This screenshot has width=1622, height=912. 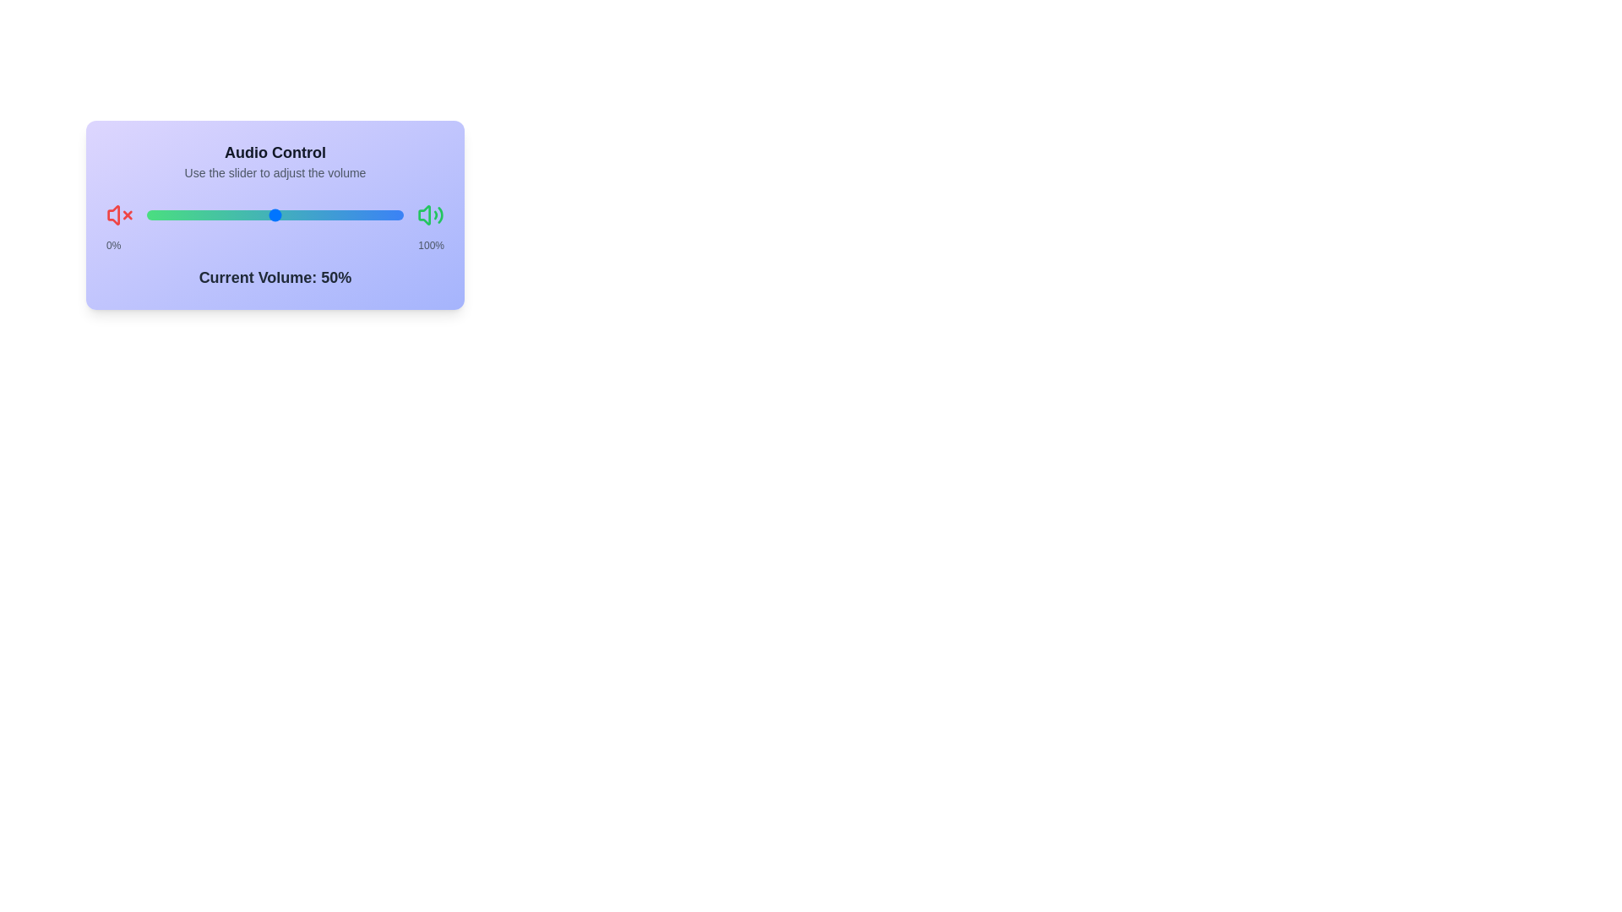 What do you see at coordinates (146, 214) in the screenshot?
I see `the slider to set the volume to 6%` at bounding box center [146, 214].